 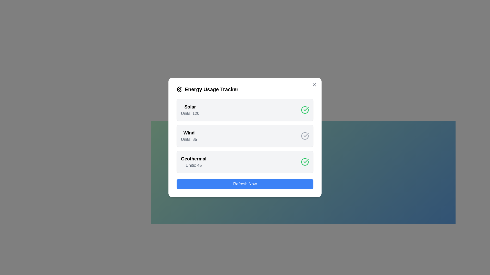 What do you see at coordinates (306, 161) in the screenshot?
I see `the green checkmark icon located on the right-hand side of the 'Solar: Units: 120' row` at bounding box center [306, 161].